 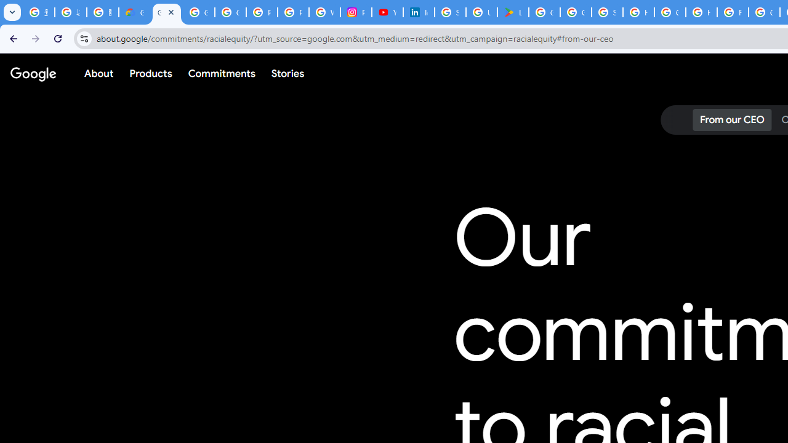 What do you see at coordinates (575, 12) in the screenshot?
I see `'Google Workspace - Specific Terms'` at bounding box center [575, 12].